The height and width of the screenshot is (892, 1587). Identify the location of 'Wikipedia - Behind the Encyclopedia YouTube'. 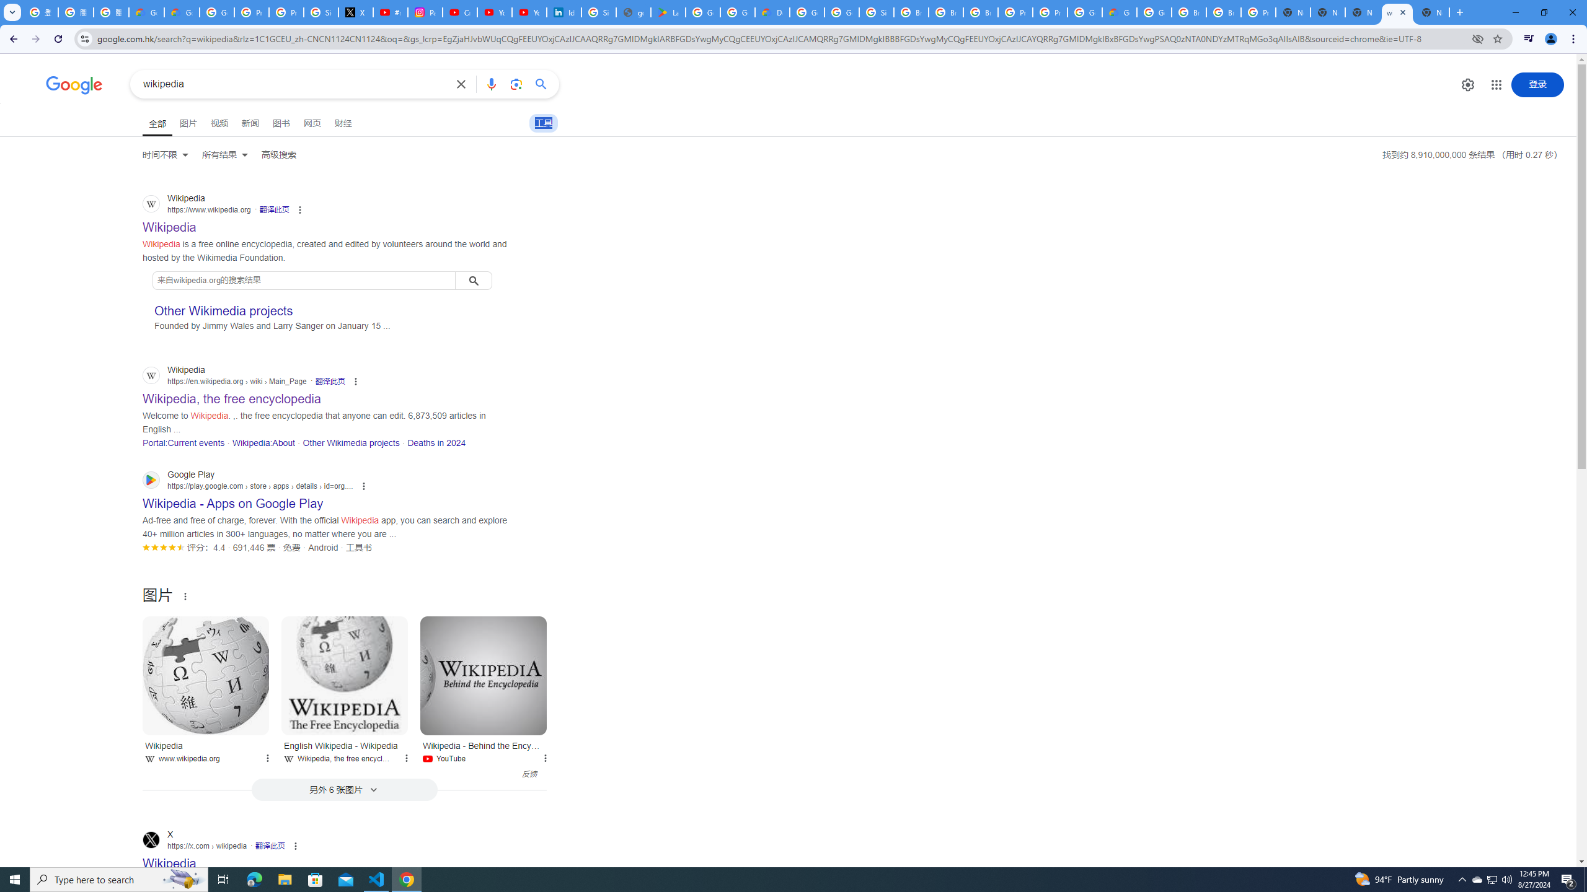
(483, 750).